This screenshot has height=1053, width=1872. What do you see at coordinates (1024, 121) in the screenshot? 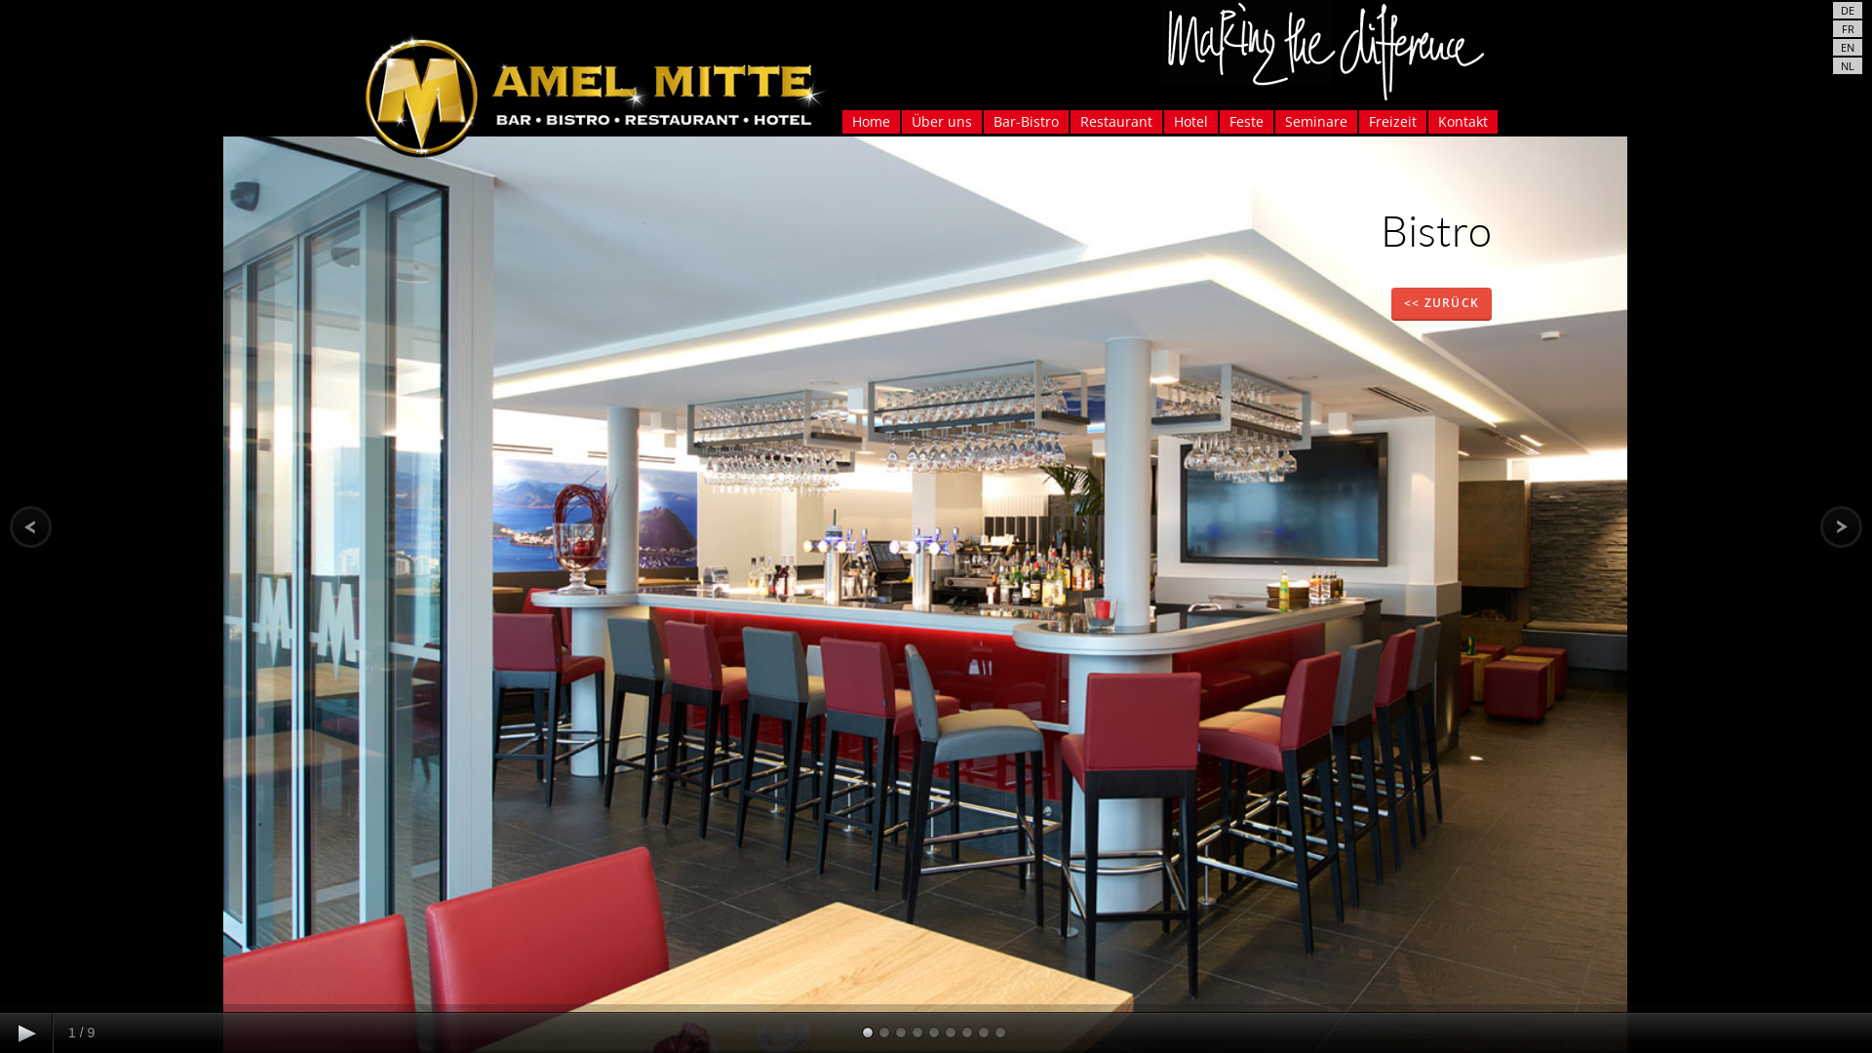
I see `'Bar-Bistro'` at bounding box center [1024, 121].